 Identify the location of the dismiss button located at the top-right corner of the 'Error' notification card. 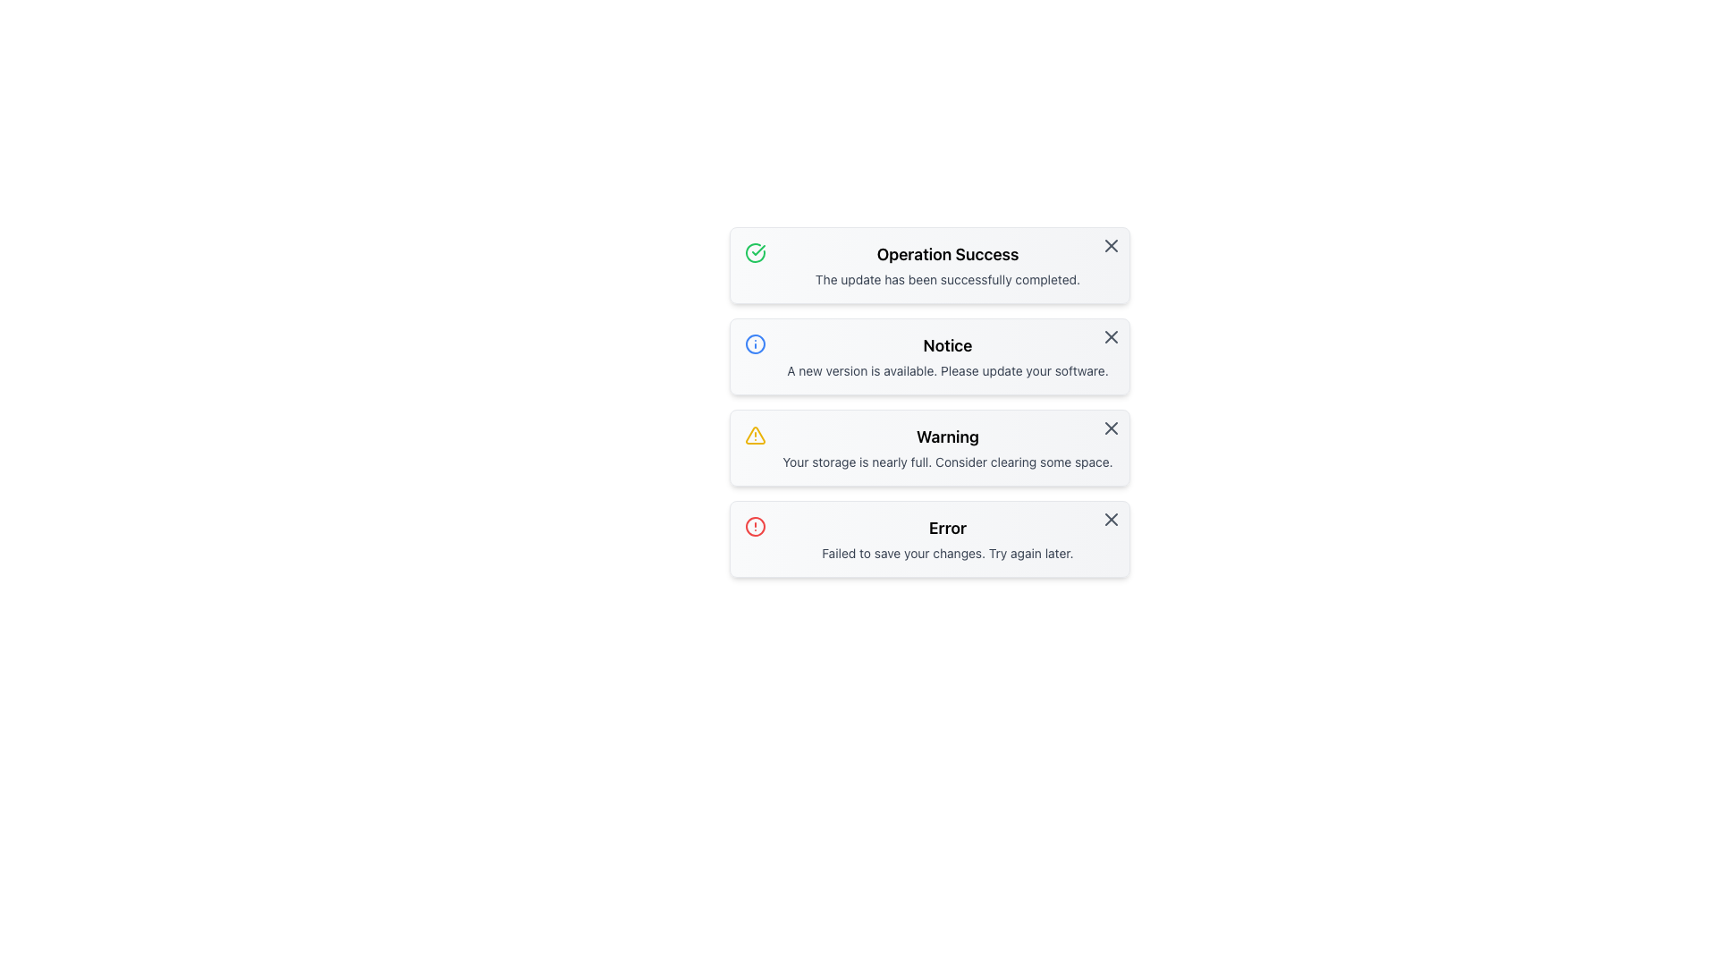
(1111, 520).